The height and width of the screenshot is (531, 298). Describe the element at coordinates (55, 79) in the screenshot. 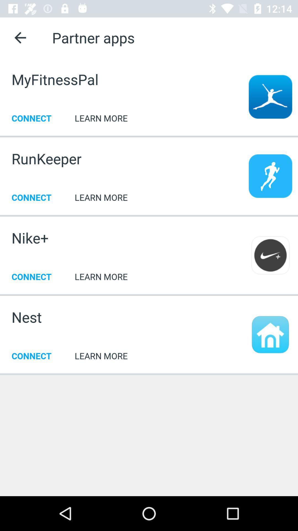

I see `the myfitnesspal item` at that location.